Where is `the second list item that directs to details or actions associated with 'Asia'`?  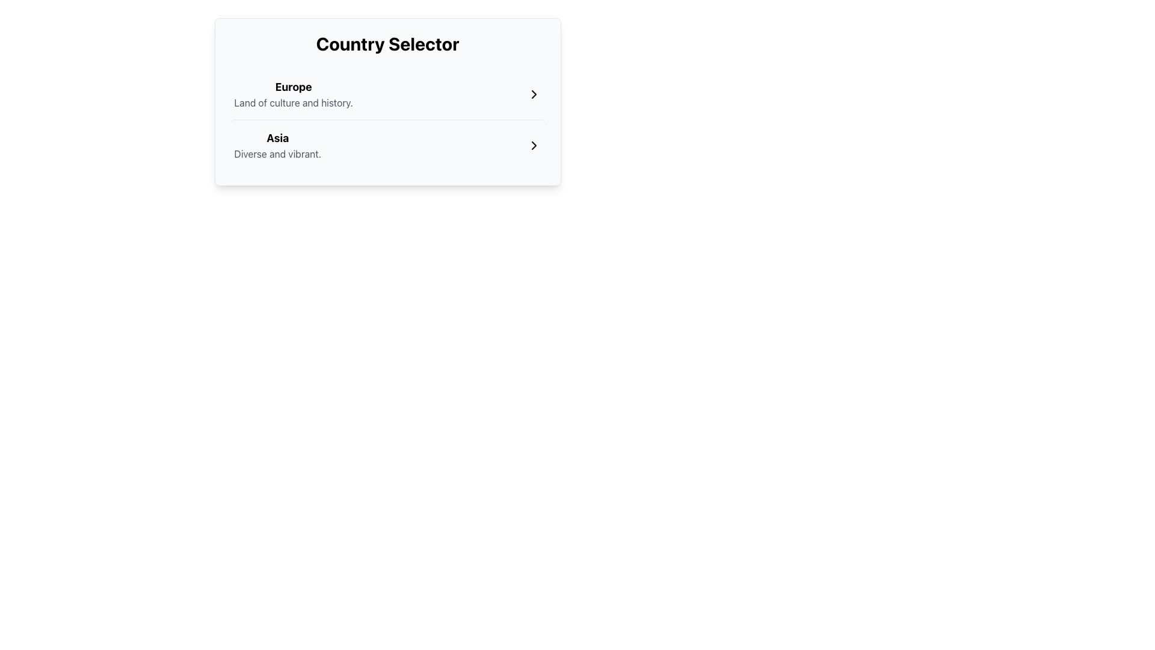
the second list item that directs to details or actions associated with 'Asia' is located at coordinates (387, 144).